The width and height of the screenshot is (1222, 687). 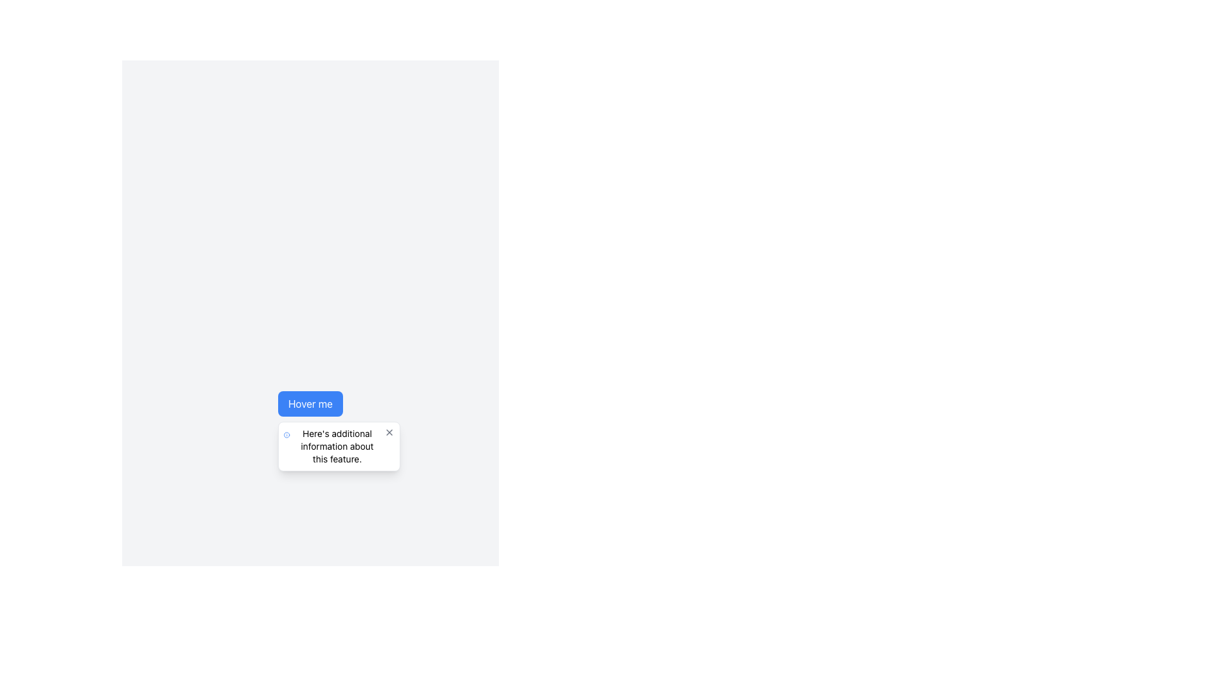 I want to click on information presented in the tooltip located directly below the 'Hover me' button, which serves as an informational message box, so click(x=339, y=446).